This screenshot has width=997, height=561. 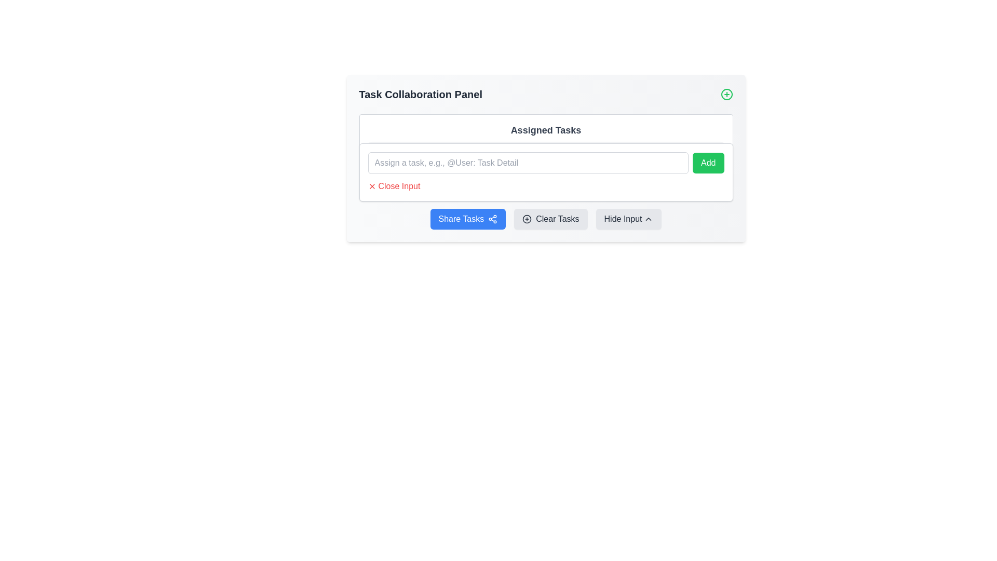 What do you see at coordinates (467, 218) in the screenshot?
I see `the first button in the horizontal row of three buttons at the bottom of the UI panel to initiate a task-sharing operation` at bounding box center [467, 218].